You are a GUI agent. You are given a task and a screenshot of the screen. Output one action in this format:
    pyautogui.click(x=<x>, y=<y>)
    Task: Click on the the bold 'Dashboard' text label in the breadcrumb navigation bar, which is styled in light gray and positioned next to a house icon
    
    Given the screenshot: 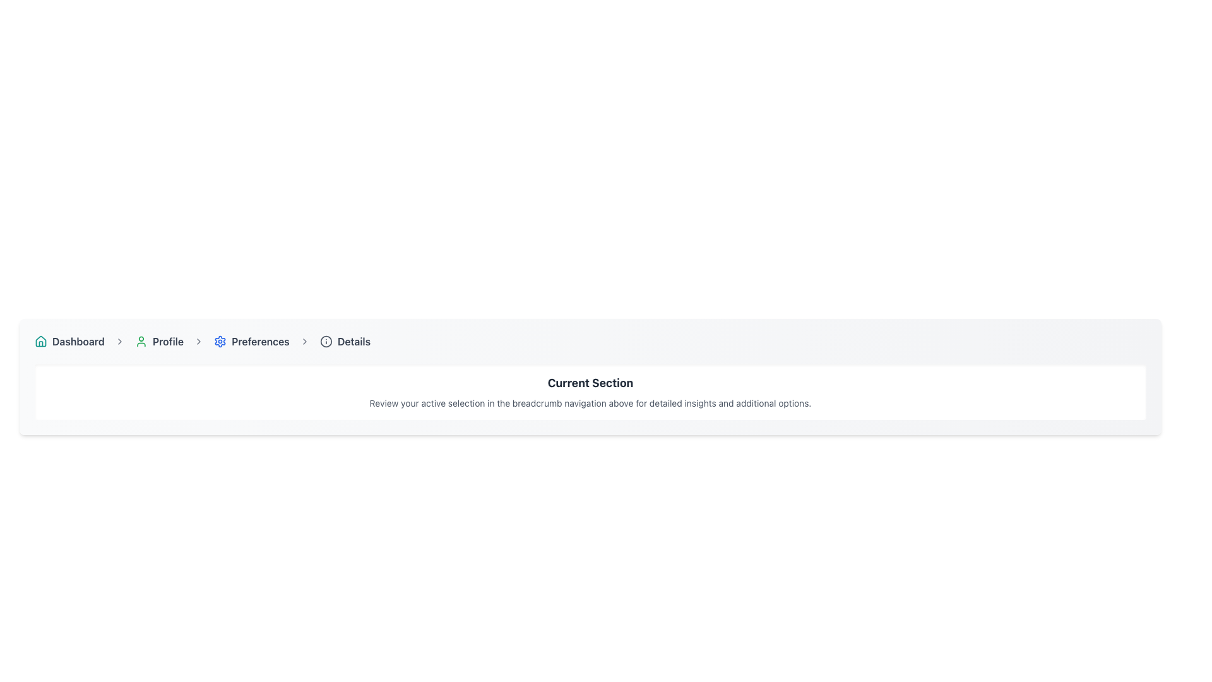 What is the action you would take?
    pyautogui.click(x=78, y=341)
    